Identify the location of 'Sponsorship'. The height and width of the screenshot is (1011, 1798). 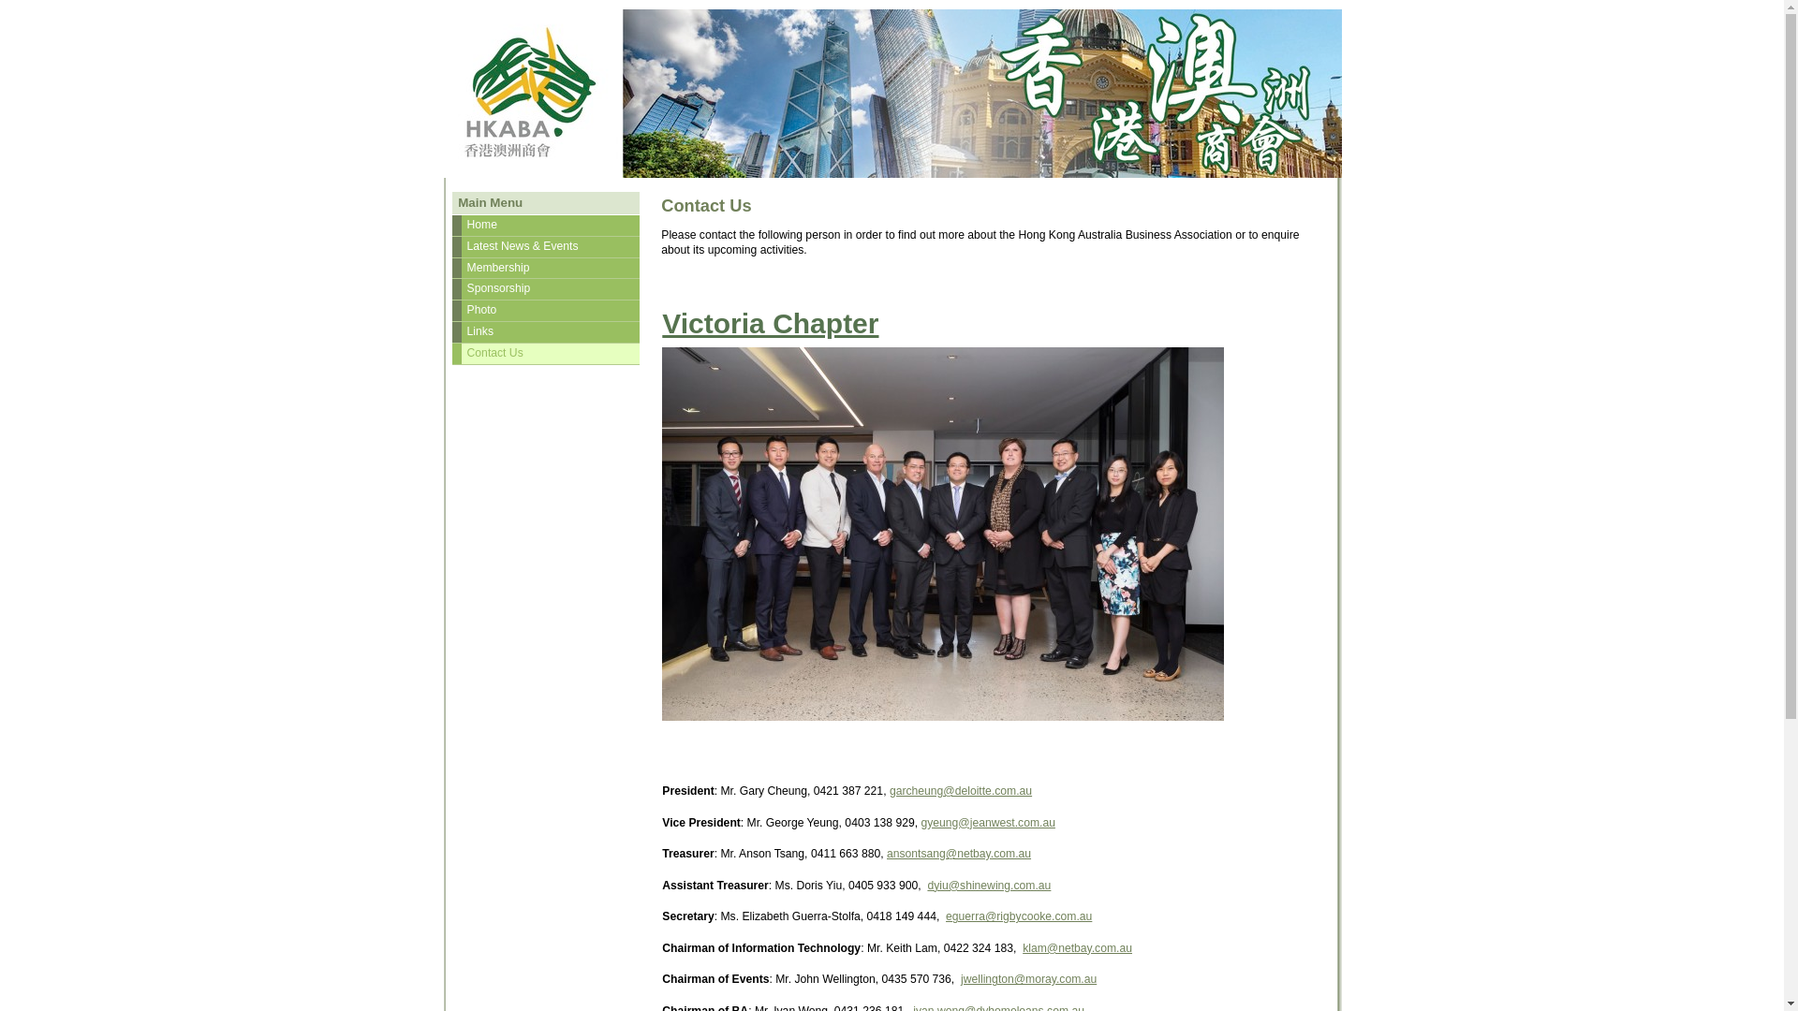
(544, 288).